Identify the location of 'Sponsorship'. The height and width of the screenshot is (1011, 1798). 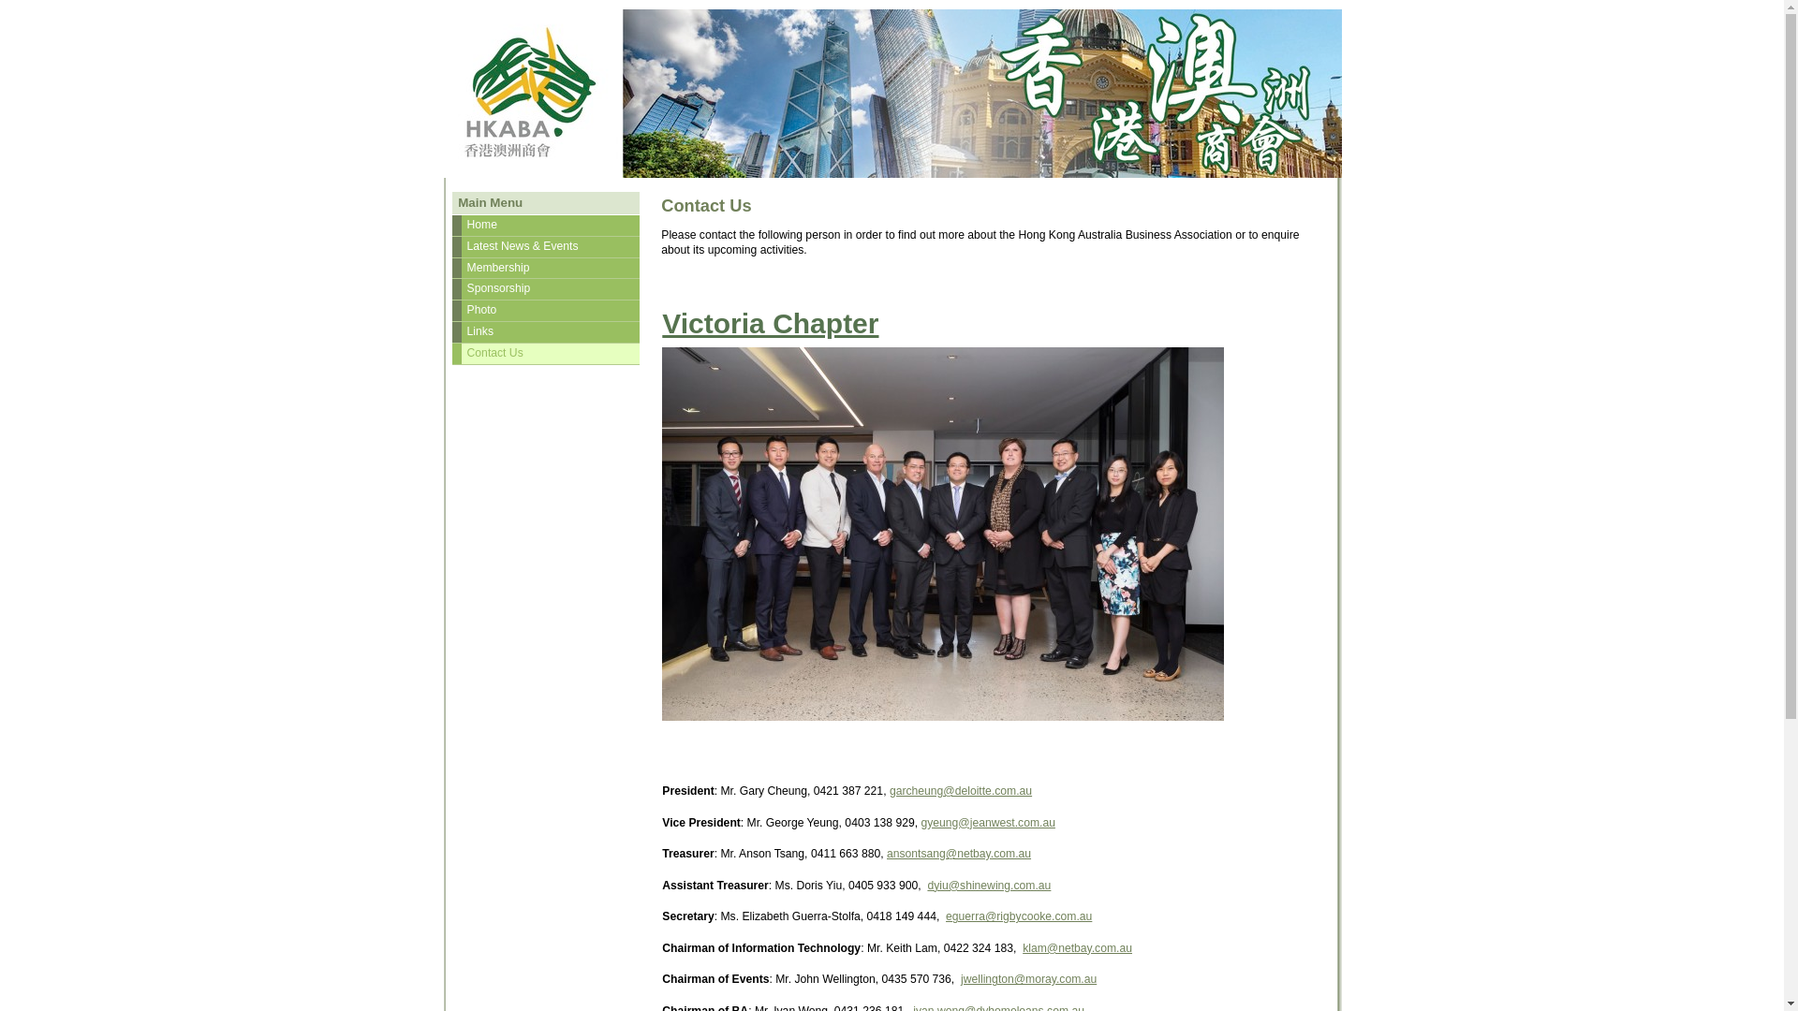
(544, 288).